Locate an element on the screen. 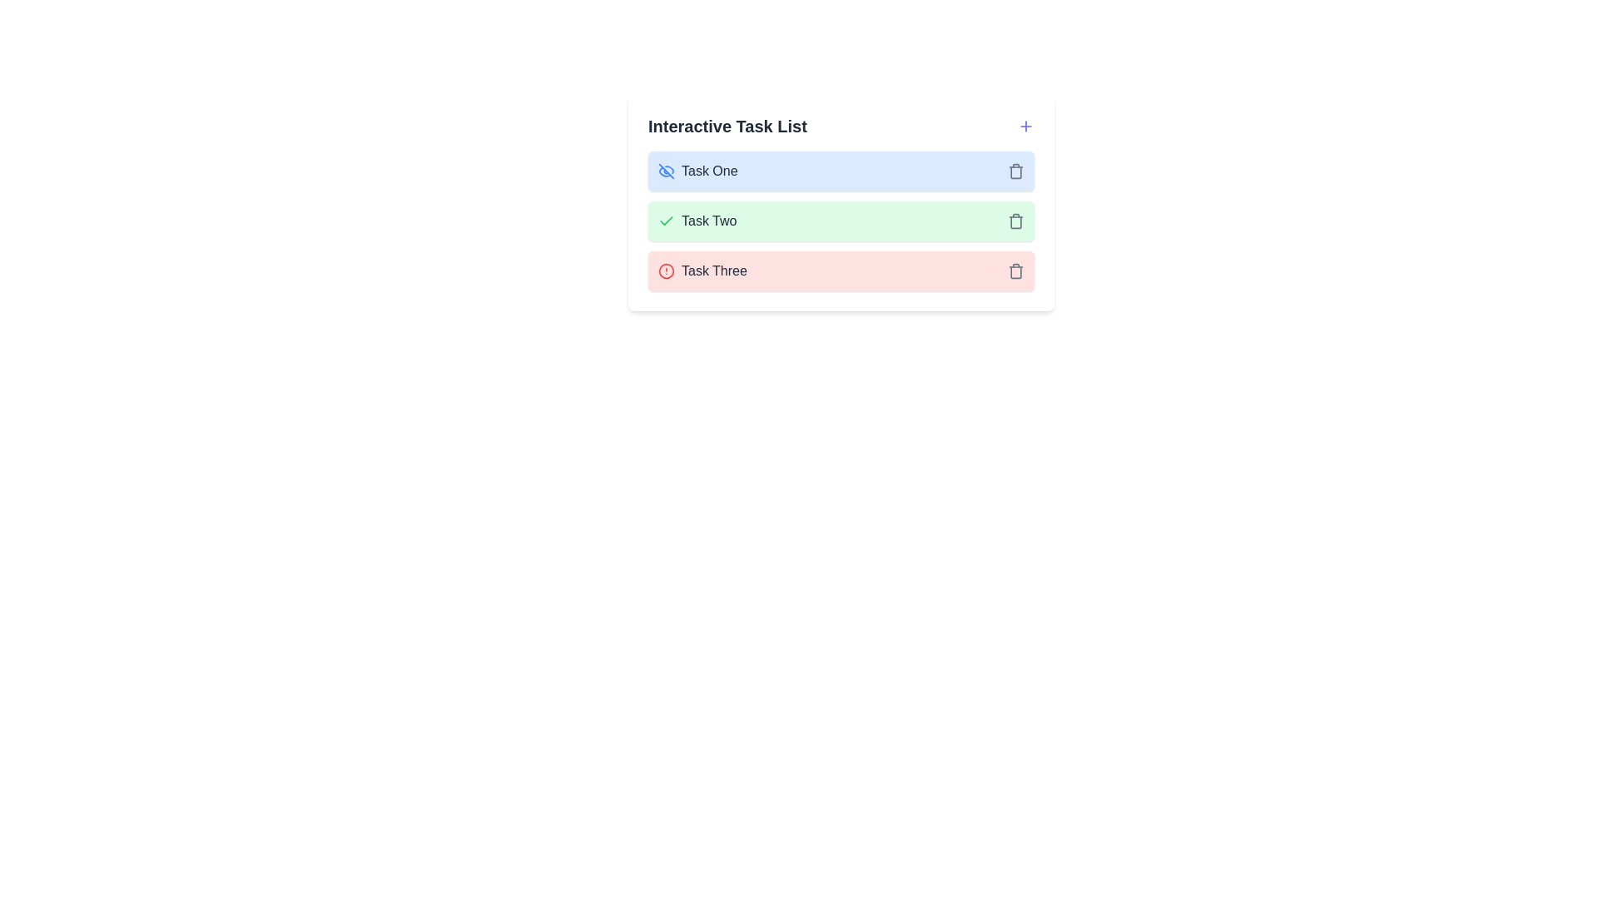  the trash bin icon button located at the top right corner of the 'Task One' section to change its color styling to red is located at coordinates (1015, 171).